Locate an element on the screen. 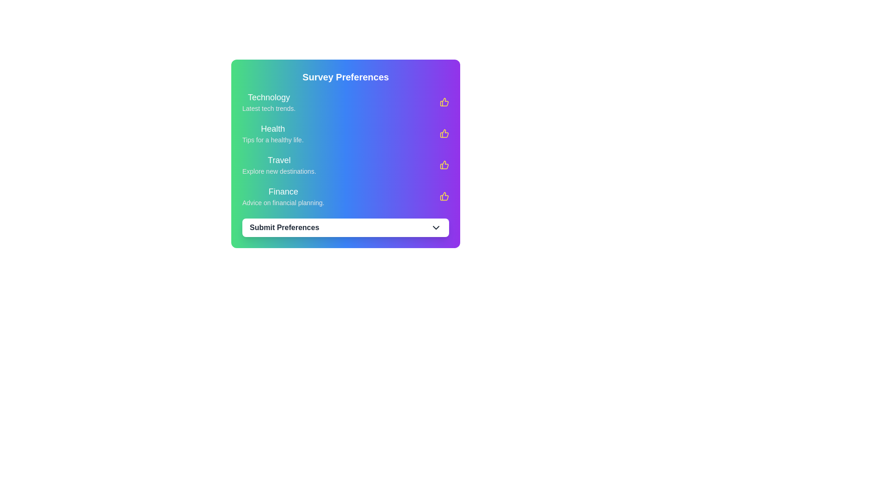  information presented in the 'Technology' text block located at the top of the 'Survey Preferences' section is located at coordinates (268, 102).